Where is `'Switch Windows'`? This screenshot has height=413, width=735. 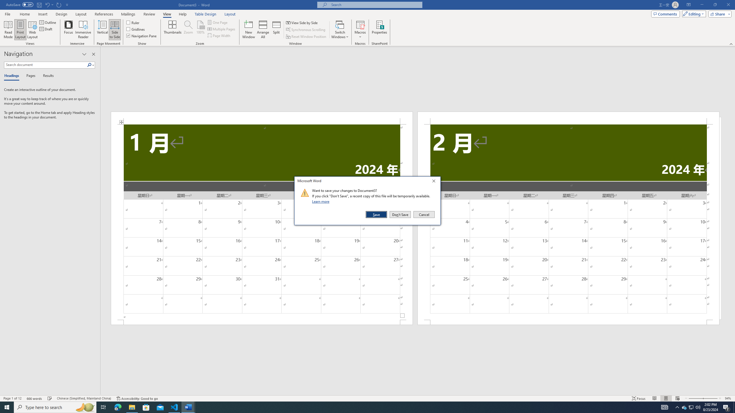
'Switch Windows' is located at coordinates (340, 30).